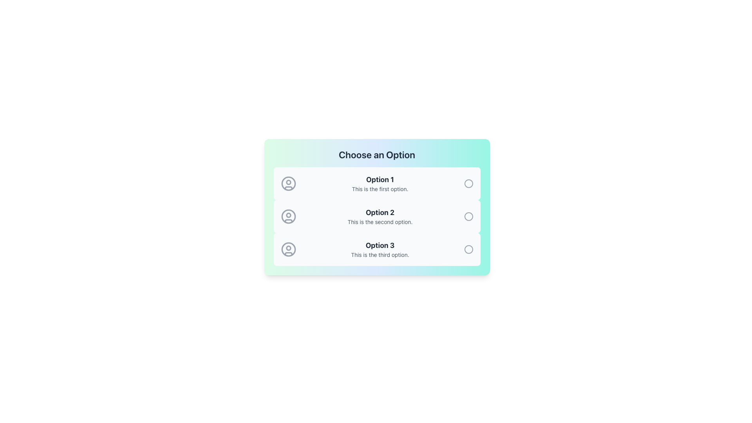 This screenshot has width=752, height=423. What do you see at coordinates (380, 222) in the screenshot?
I see `the text label that says 'This is the second option.' located beneath the 'Option 2' label in the middle option card` at bounding box center [380, 222].